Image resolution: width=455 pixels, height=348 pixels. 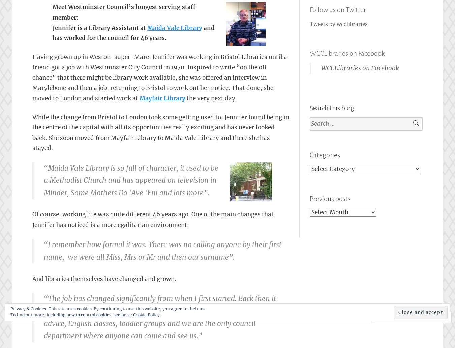 I want to click on '“The job has changed significantly from when I first started. Back then it was just books. Now we are a one-stop shop, social centre, we offer pension advice, English classes, toddler groups and we are the only council department where', so click(x=165, y=317).